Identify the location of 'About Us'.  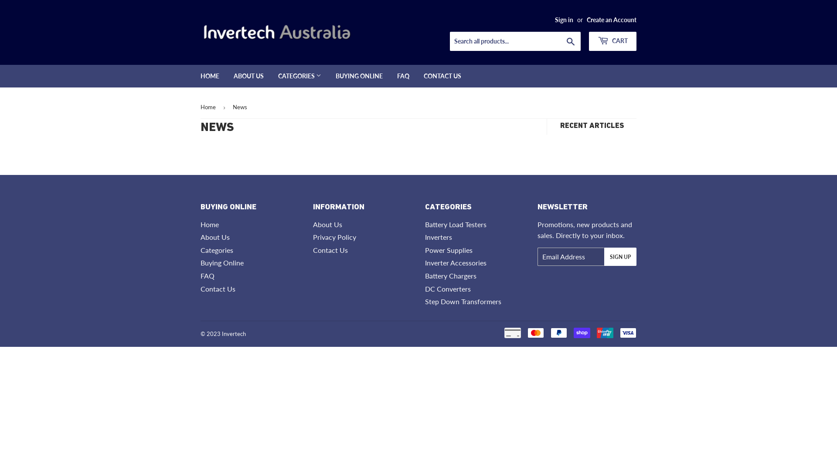
(200, 237).